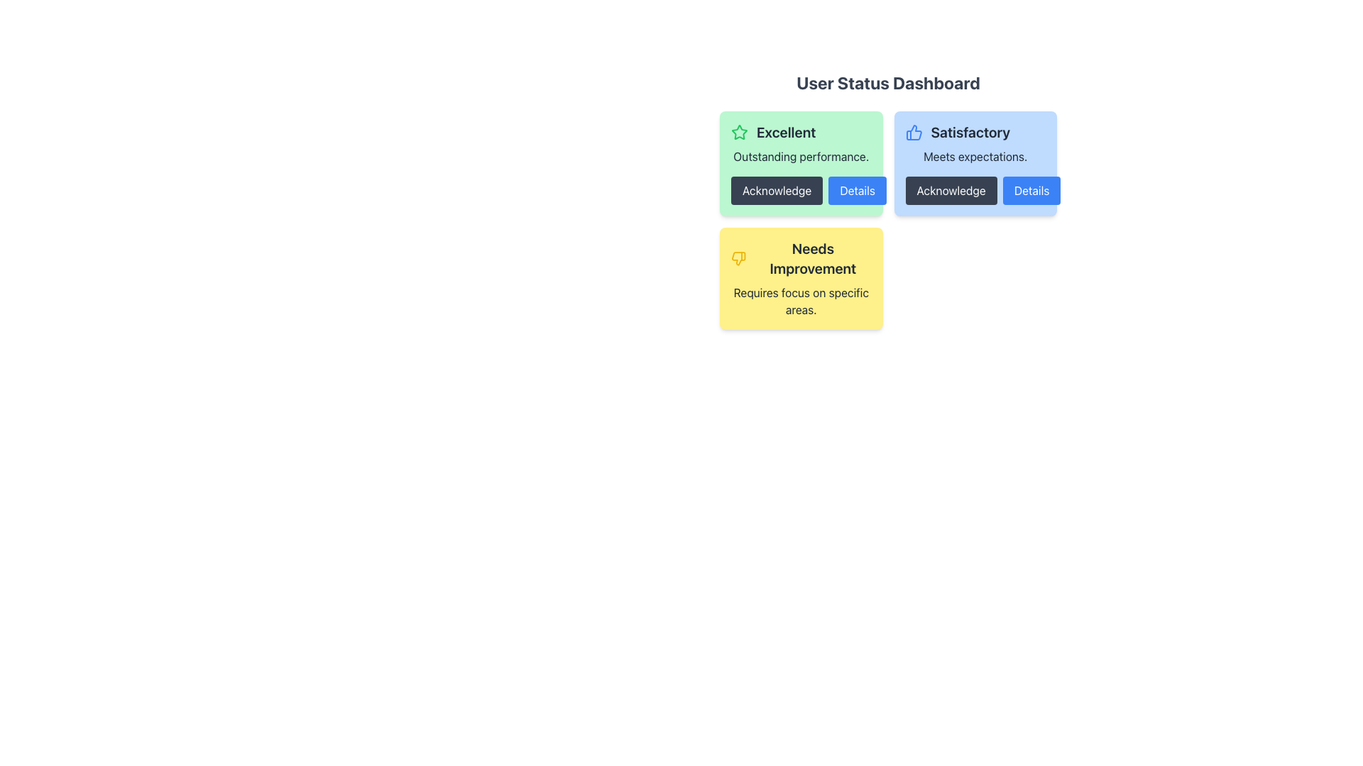 Image resolution: width=1363 pixels, height=766 pixels. Describe the element at coordinates (801, 300) in the screenshot. I see `the static text element that reads 'Requires focus on specific areas.', which is located at the center-bottom of the yellow 'Needs Improvement' status card` at that location.